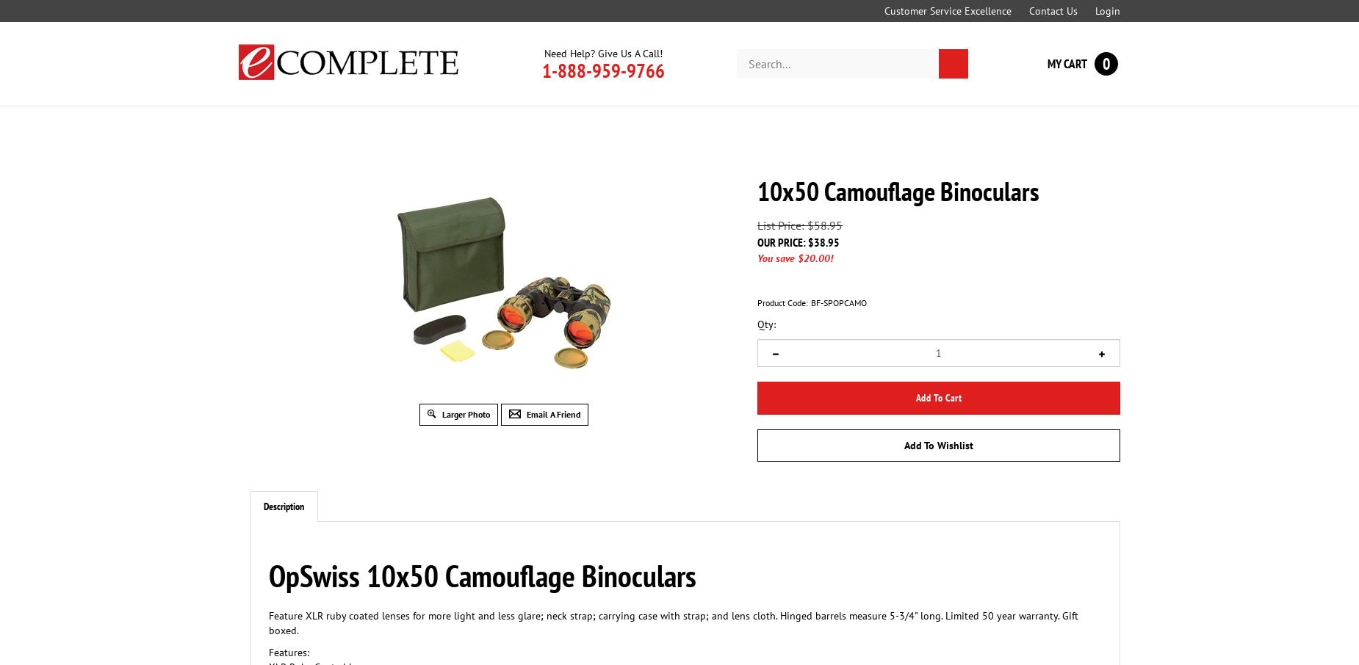 Image resolution: width=1359 pixels, height=665 pixels. I want to click on '1-888-959-9766', so click(603, 70).